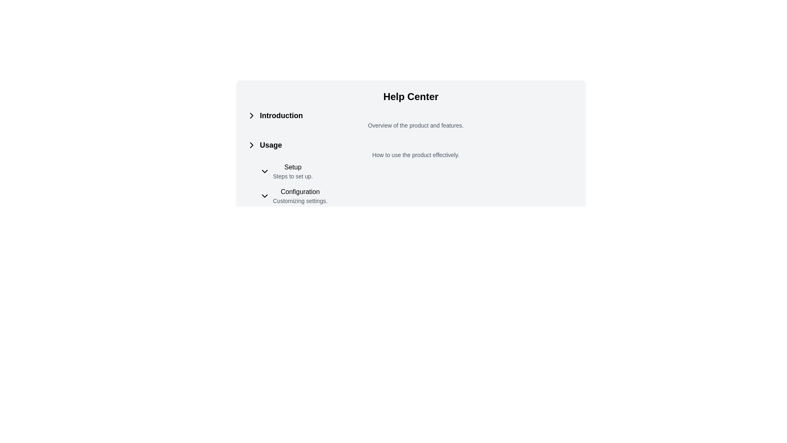 This screenshot has height=443, width=787. I want to click on the informational Text Label located under the 'Configuration' section in the left-hand menu, so click(300, 201).